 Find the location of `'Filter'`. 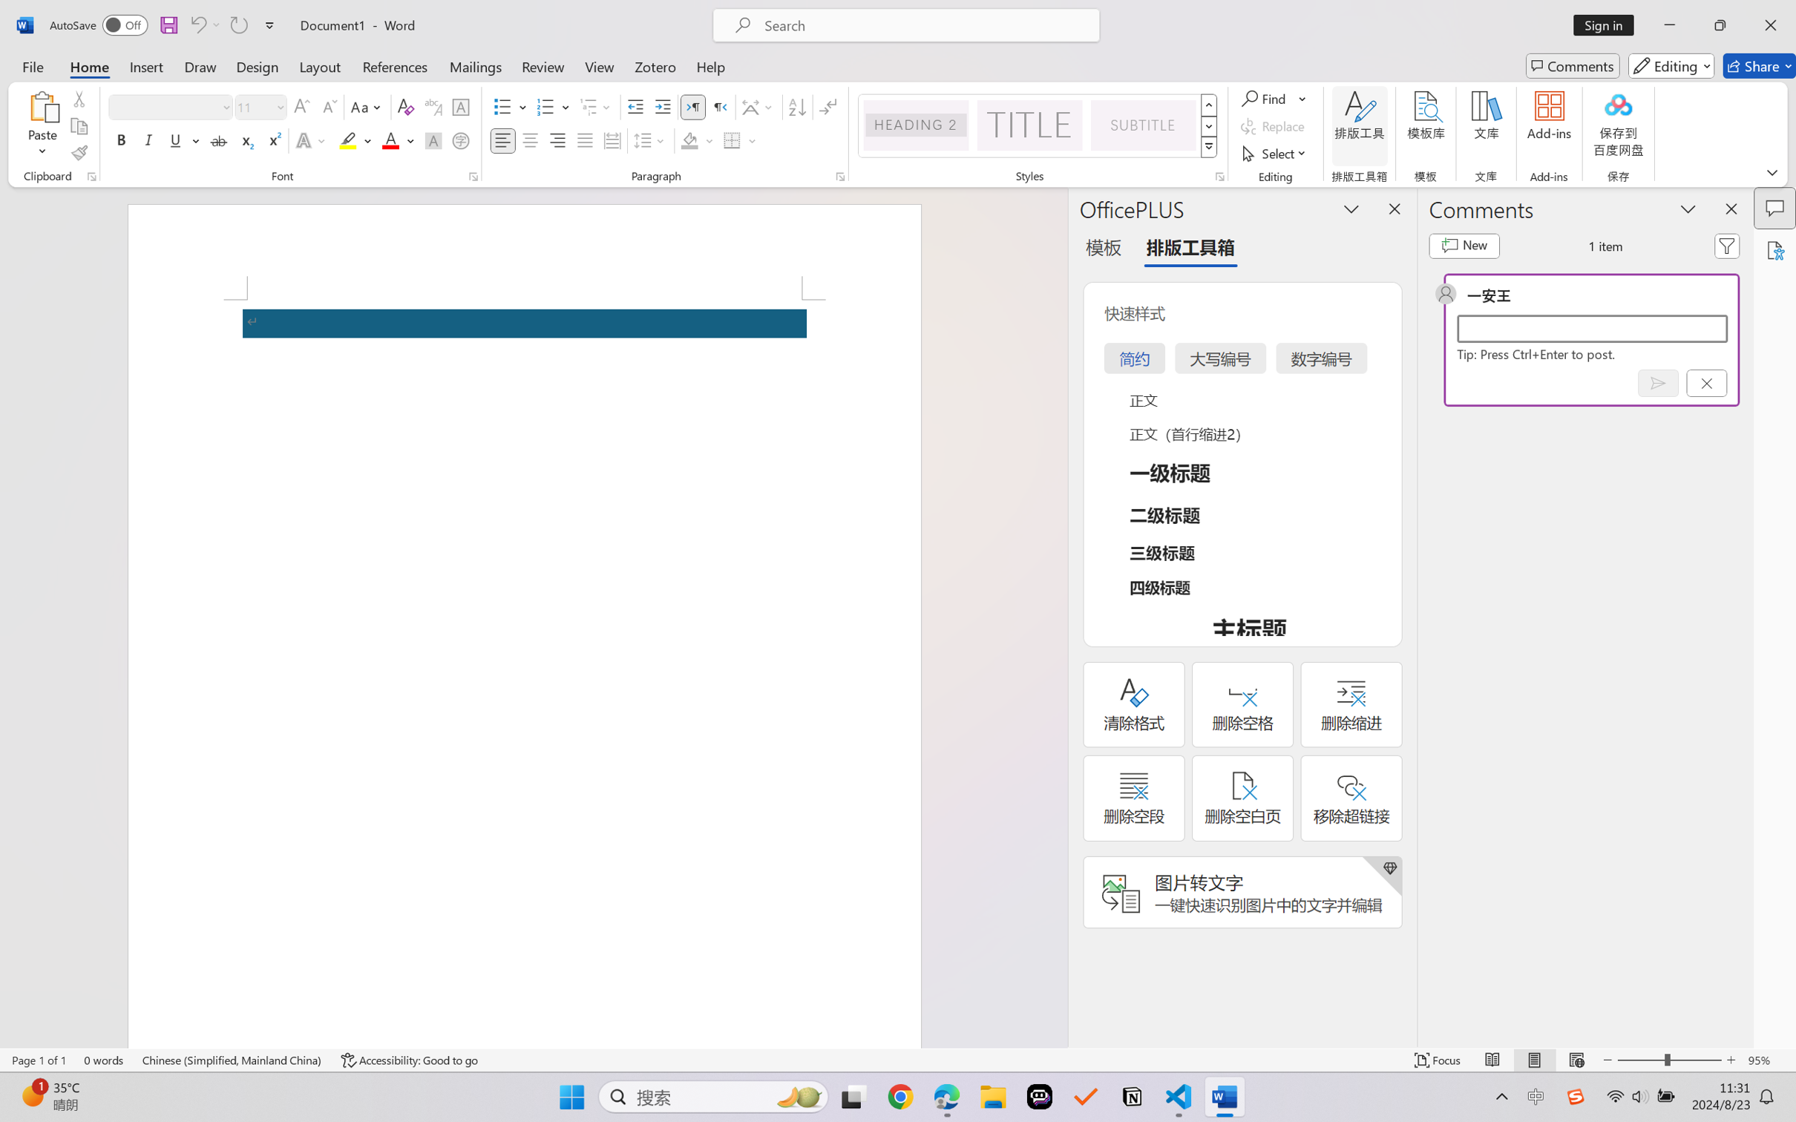

'Filter' is located at coordinates (1727, 246).